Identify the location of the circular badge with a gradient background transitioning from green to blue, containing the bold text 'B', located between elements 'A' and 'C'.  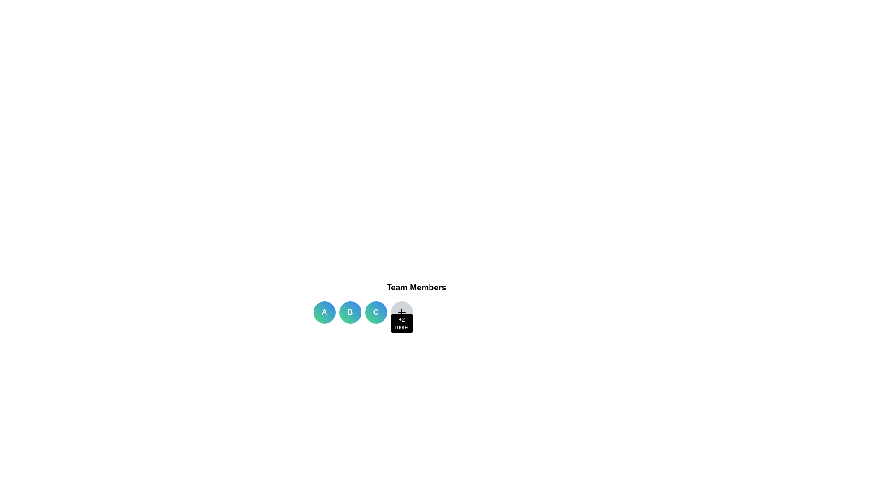
(349, 312).